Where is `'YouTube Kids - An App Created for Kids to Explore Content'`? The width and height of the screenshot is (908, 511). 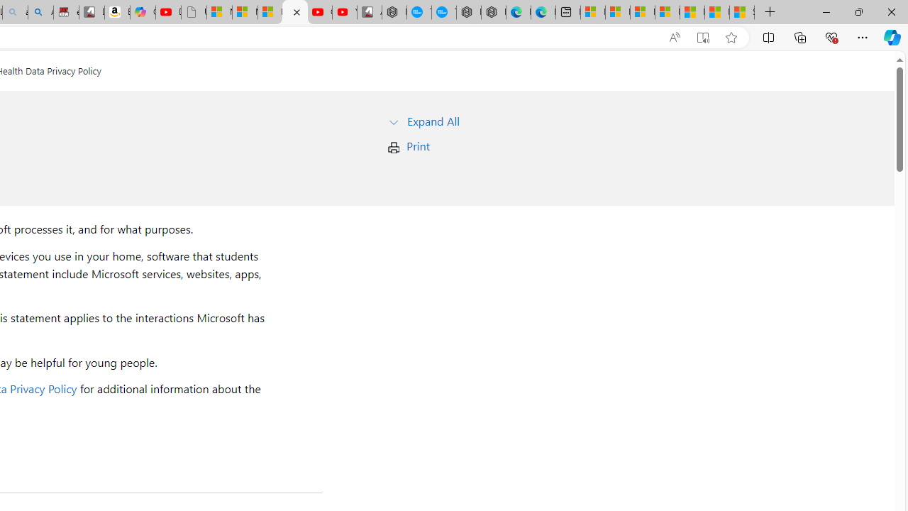
'YouTube Kids - An App Created for Kids to Explore Content' is located at coordinates (344, 12).